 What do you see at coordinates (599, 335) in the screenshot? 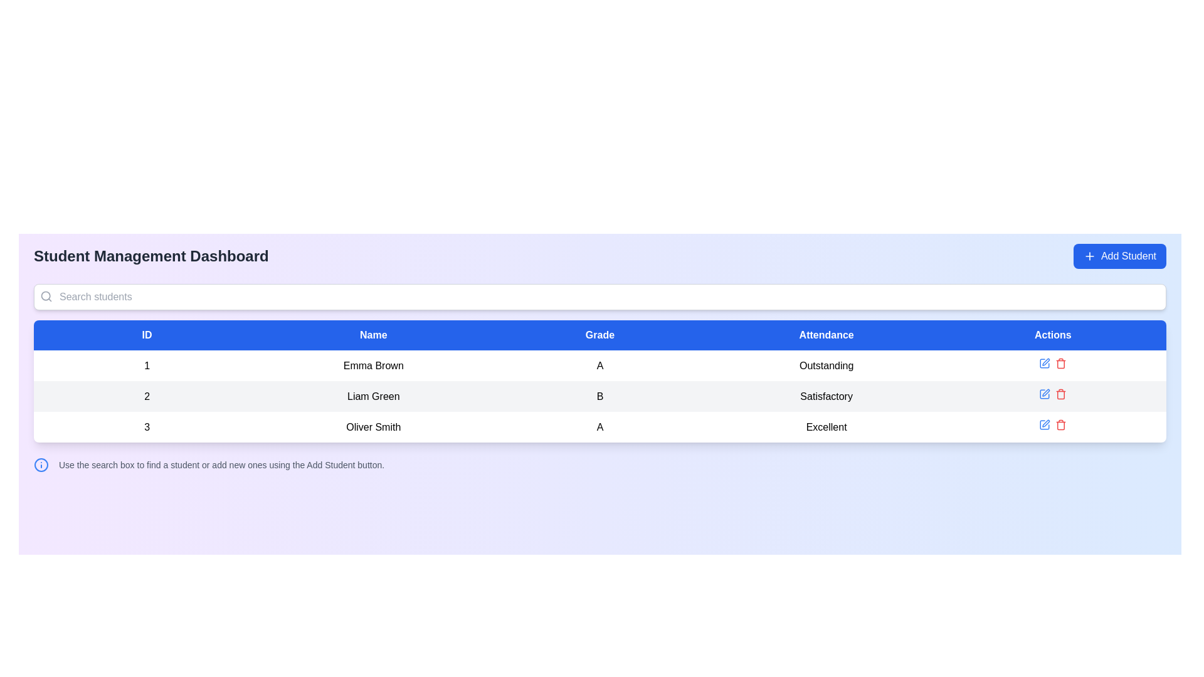
I see `the Table Header Row element, which features a blue background and white text displaying 'ID', 'Name', 'Grade', 'Attendance', and 'Actions'. This element is located at the top of the table, spanning its entire width` at bounding box center [599, 335].